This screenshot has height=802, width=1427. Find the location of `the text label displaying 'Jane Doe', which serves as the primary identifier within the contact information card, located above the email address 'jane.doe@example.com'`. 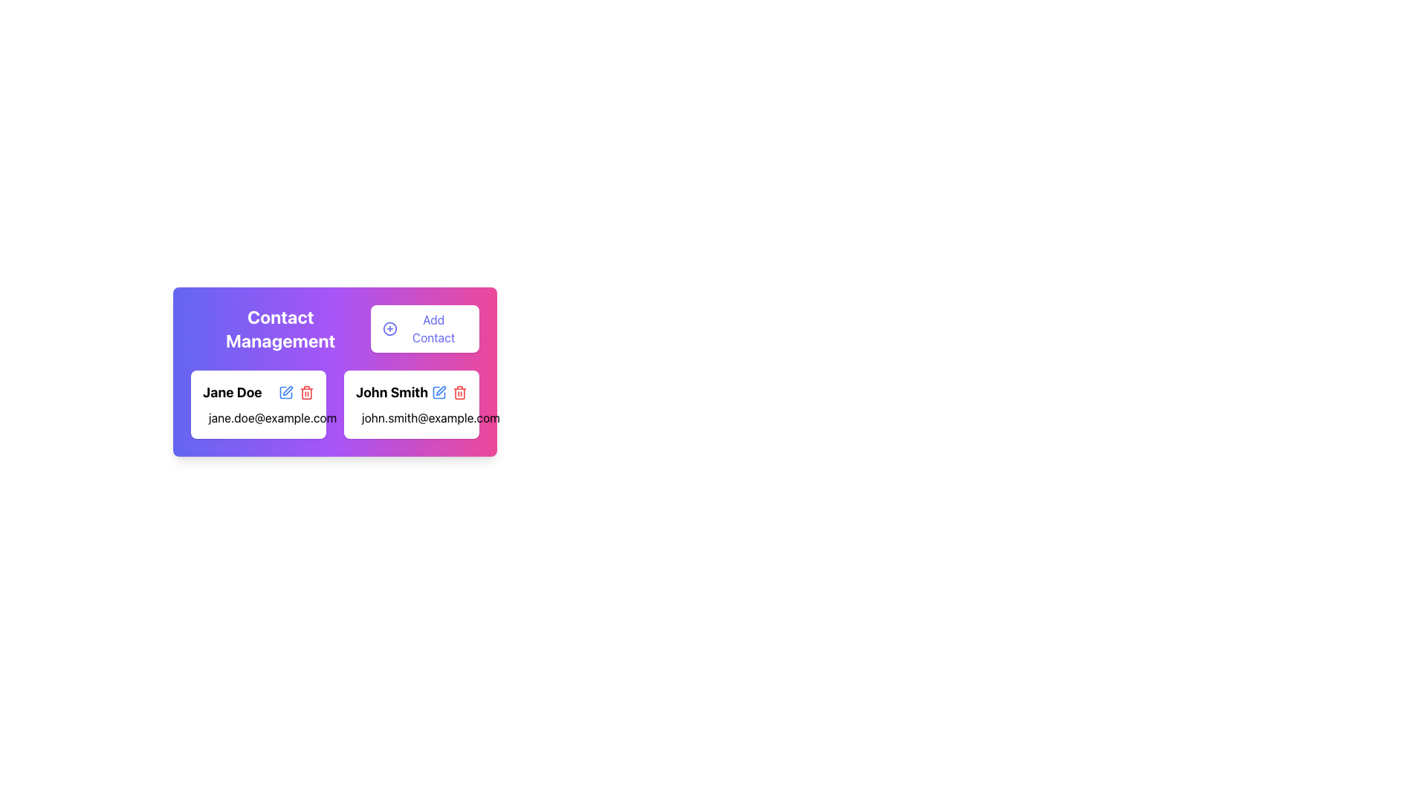

the text label displaying 'Jane Doe', which serves as the primary identifier within the contact information card, located above the email address 'jane.doe@example.com' is located at coordinates (258, 391).